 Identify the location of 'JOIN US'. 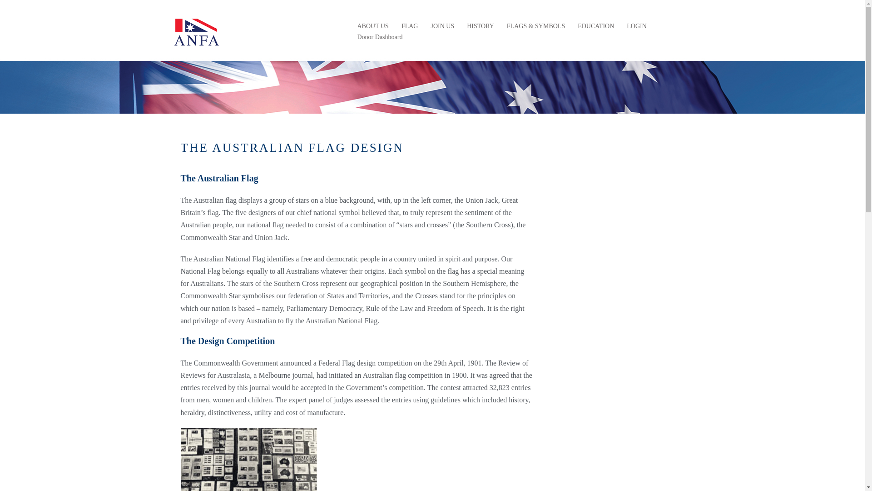
(442, 25).